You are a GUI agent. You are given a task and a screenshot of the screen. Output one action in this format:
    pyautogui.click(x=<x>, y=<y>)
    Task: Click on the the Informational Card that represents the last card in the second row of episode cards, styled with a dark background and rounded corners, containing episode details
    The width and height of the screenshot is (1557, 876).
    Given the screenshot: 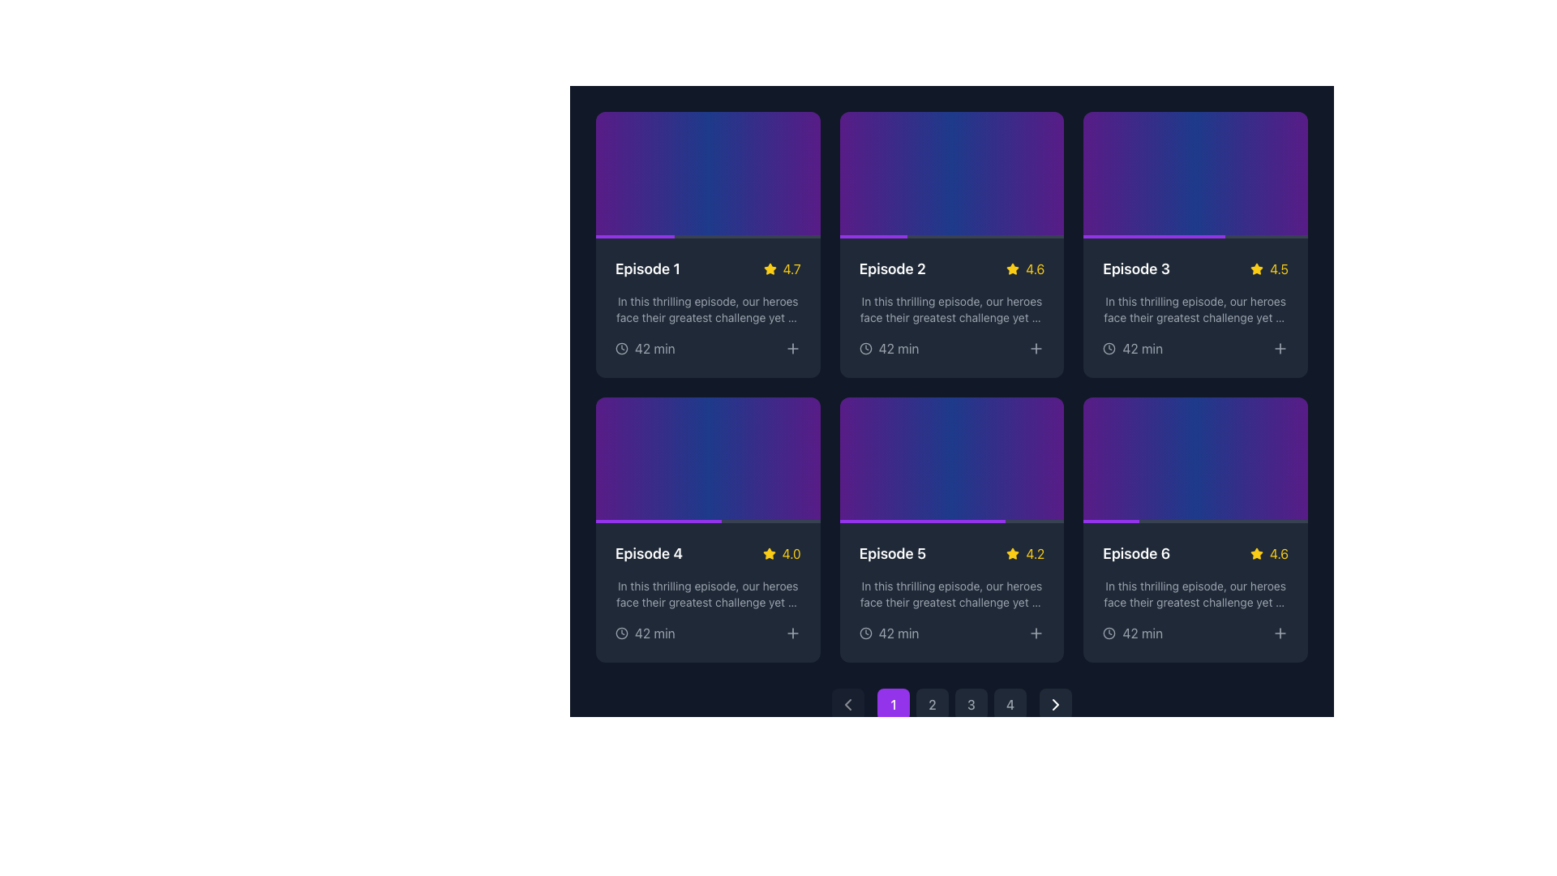 What is the action you would take?
    pyautogui.click(x=1195, y=593)
    